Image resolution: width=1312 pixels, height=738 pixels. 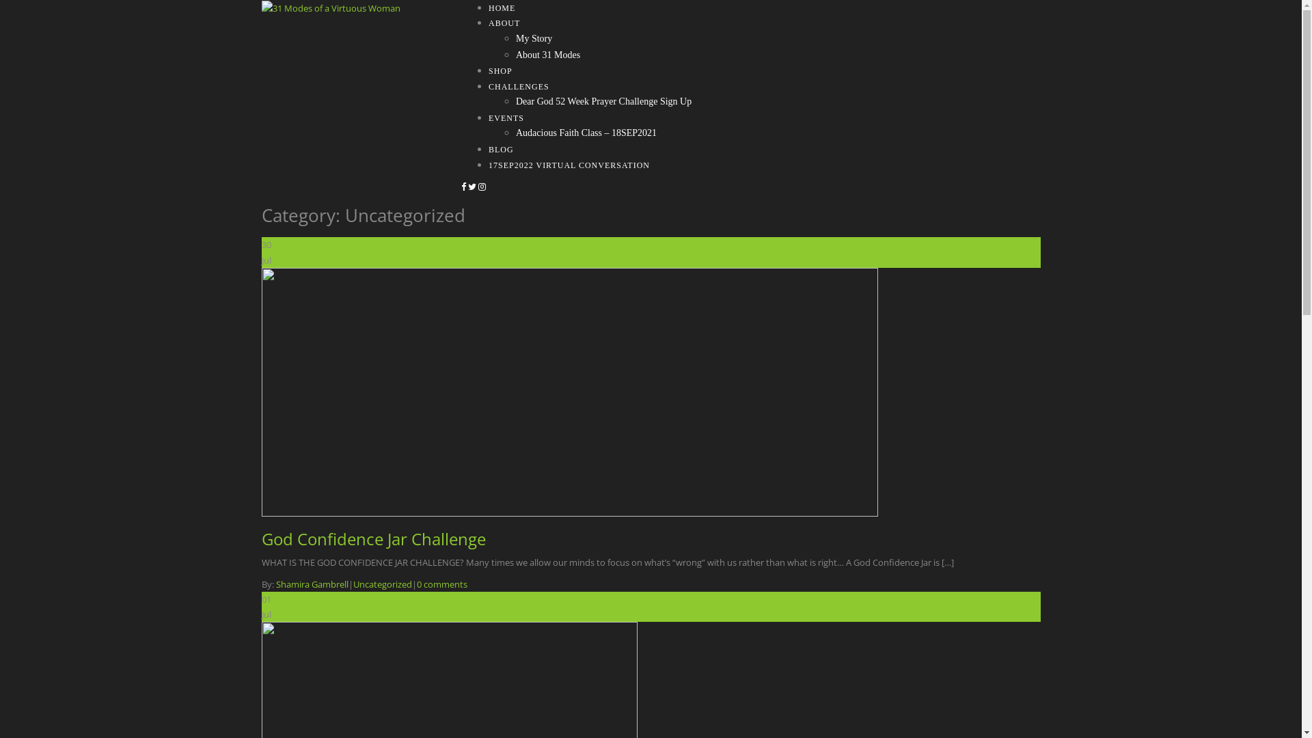 What do you see at coordinates (381, 584) in the screenshot?
I see `'Uncategorized'` at bounding box center [381, 584].